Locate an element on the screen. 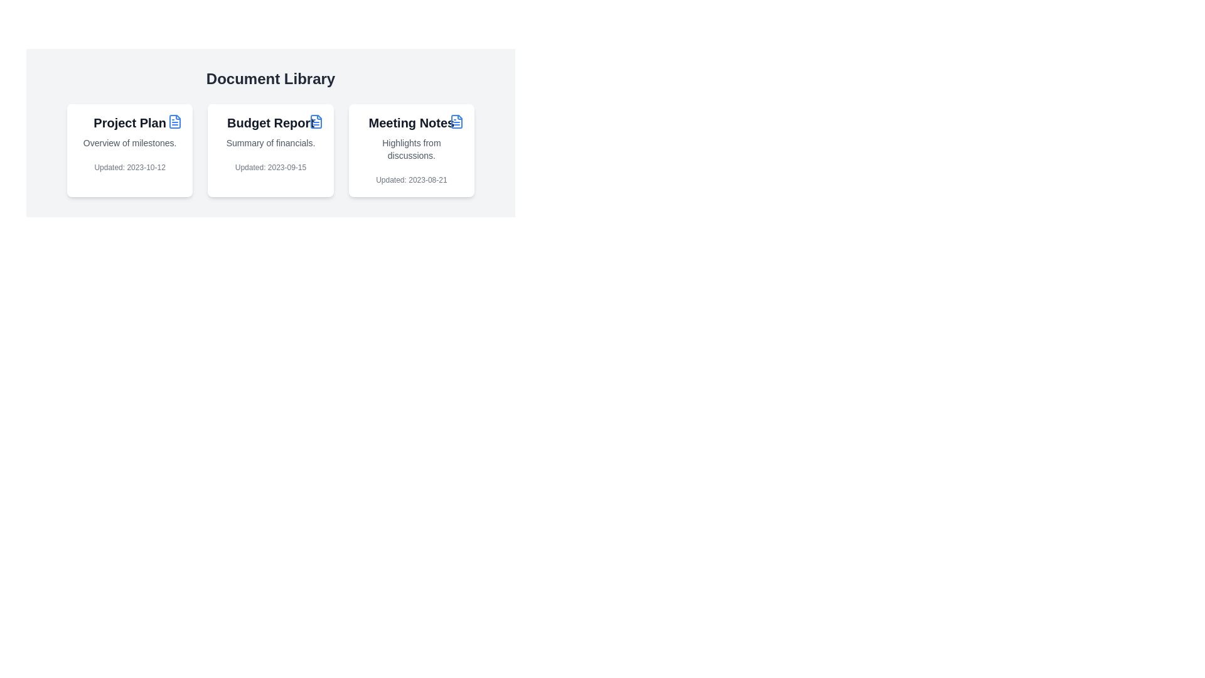  descriptive text located within the card labeled 'Meeting Notes', positioned beneath the main title 'Meeting Notes' and above the updated date information 'Updated: 2023-08-21' is located at coordinates (411, 149).